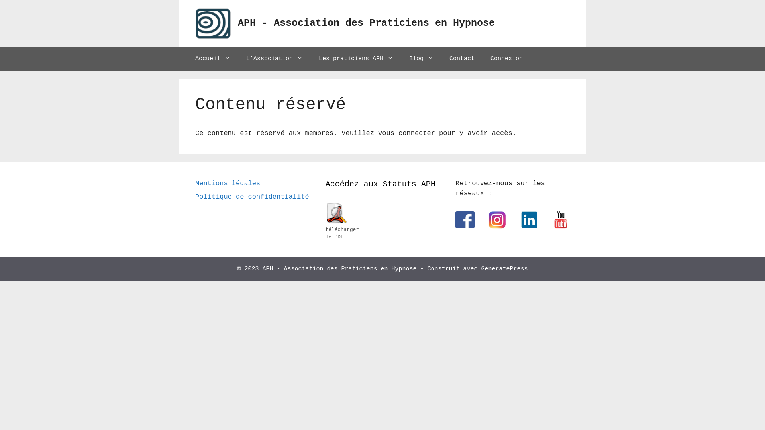  What do you see at coordinates (504, 269) in the screenshot?
I see `'GeneratePress'` at bounding box center [504, 269].